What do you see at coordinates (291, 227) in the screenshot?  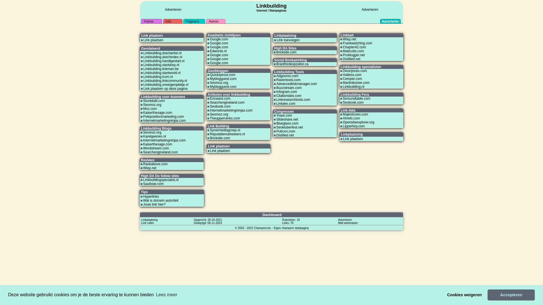 I see `'Eigen champion startpagina'` at bounding box center [291, 227].